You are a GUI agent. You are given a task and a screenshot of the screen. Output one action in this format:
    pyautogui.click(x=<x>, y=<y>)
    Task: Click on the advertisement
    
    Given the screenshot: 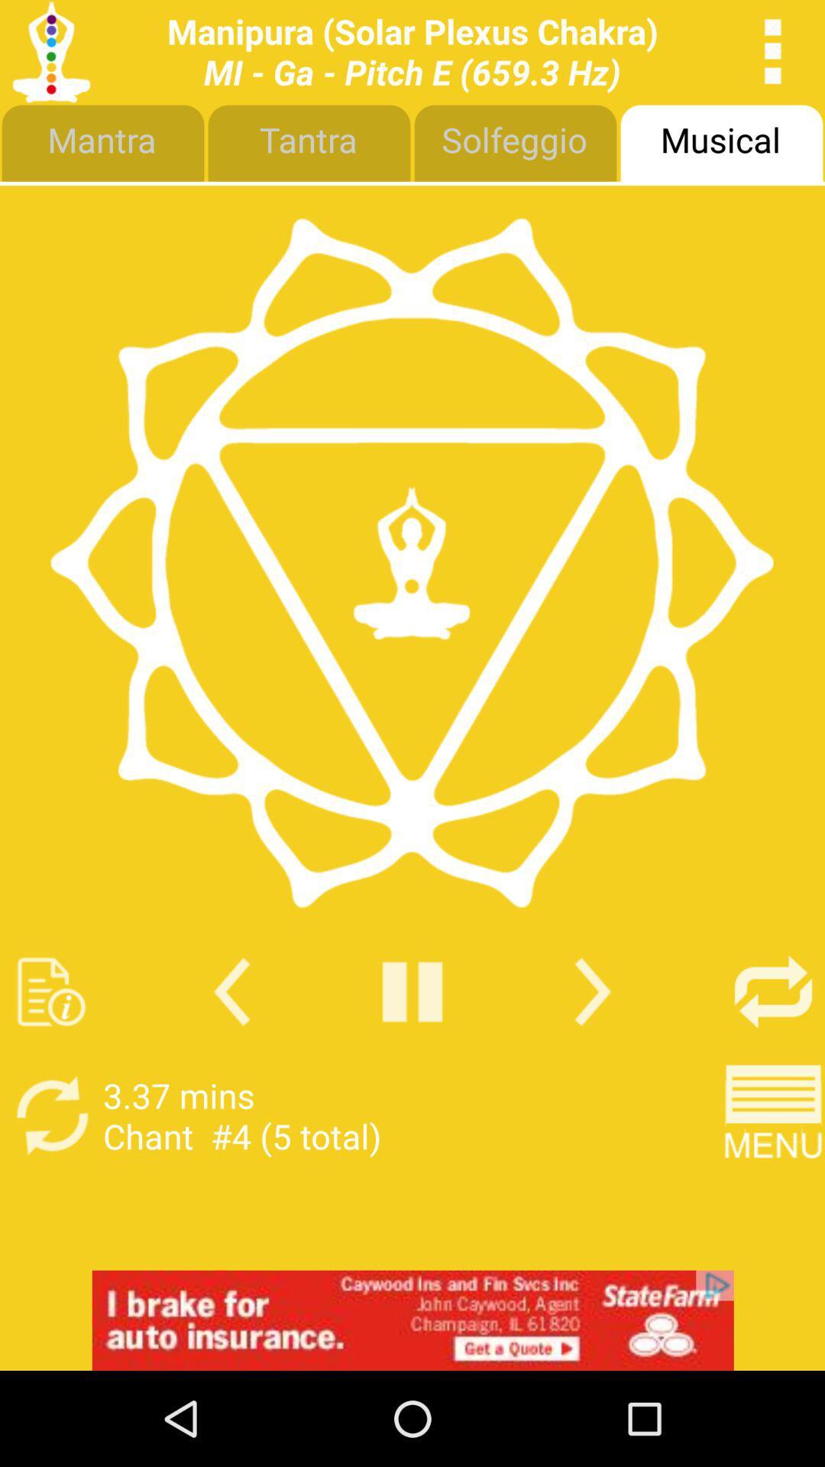 What is the action you would take?
    pyautogui.click(x=412, y=1320)
    